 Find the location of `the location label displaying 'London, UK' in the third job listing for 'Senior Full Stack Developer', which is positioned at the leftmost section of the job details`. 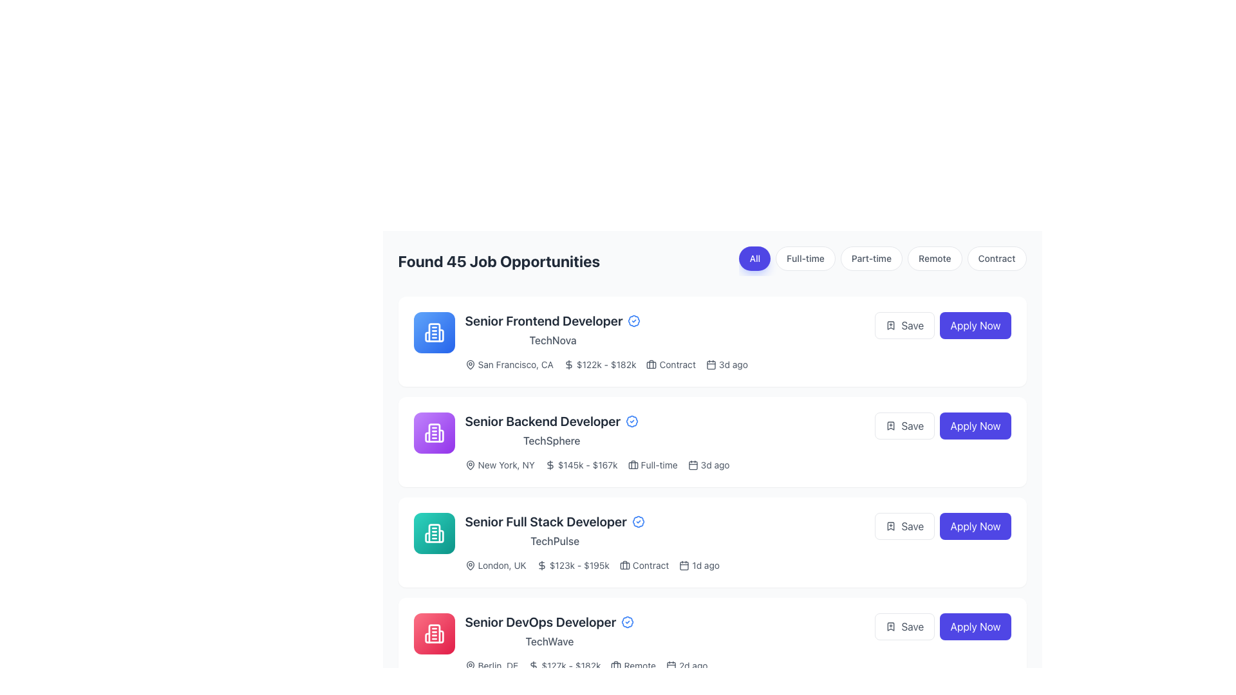

the location label displaying 'London, UK' in the third job listing for 'Senior Full Stack Developer', which is positioned at the leftmost section of the job details is located at coordinates (495, 565).